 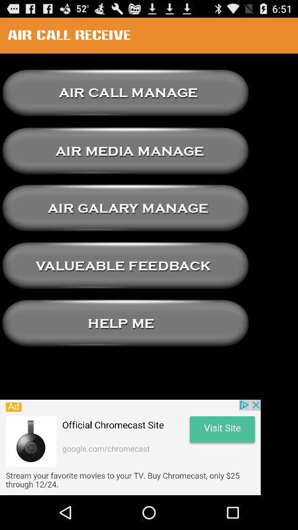 I want to click on open help me screen, so click(x=125, y=323).